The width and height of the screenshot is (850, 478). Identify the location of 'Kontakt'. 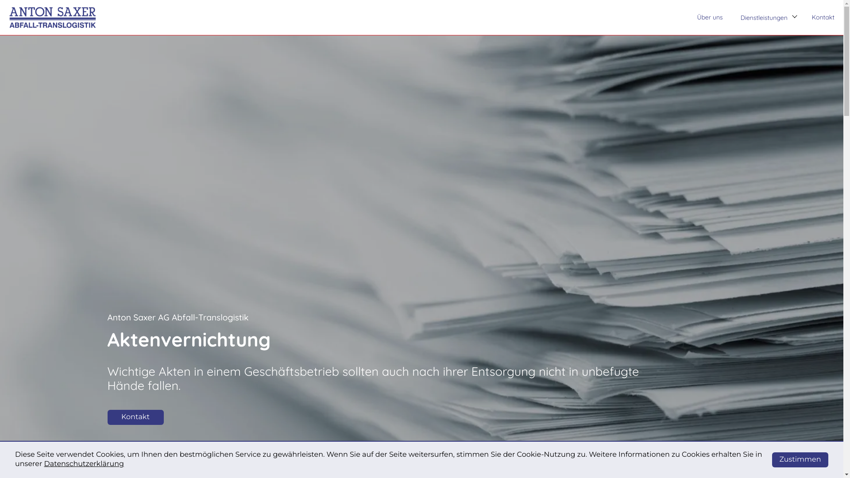
(106, 417).